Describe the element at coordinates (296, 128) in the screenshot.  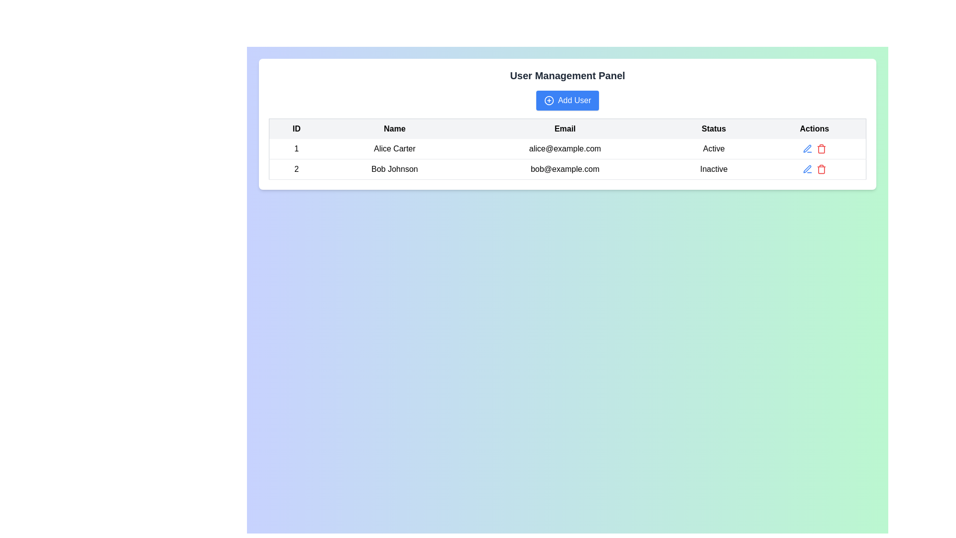
I see `the label of the first column header in the table to understand the data type represented by this unique identifier` at that location.